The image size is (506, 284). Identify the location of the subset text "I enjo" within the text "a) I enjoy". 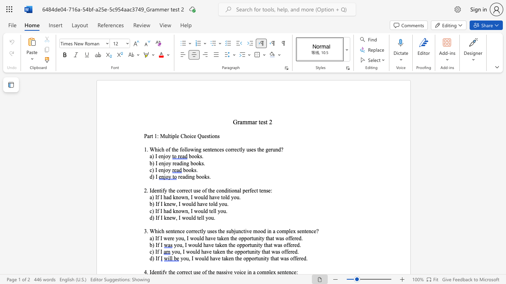
(155, 157).